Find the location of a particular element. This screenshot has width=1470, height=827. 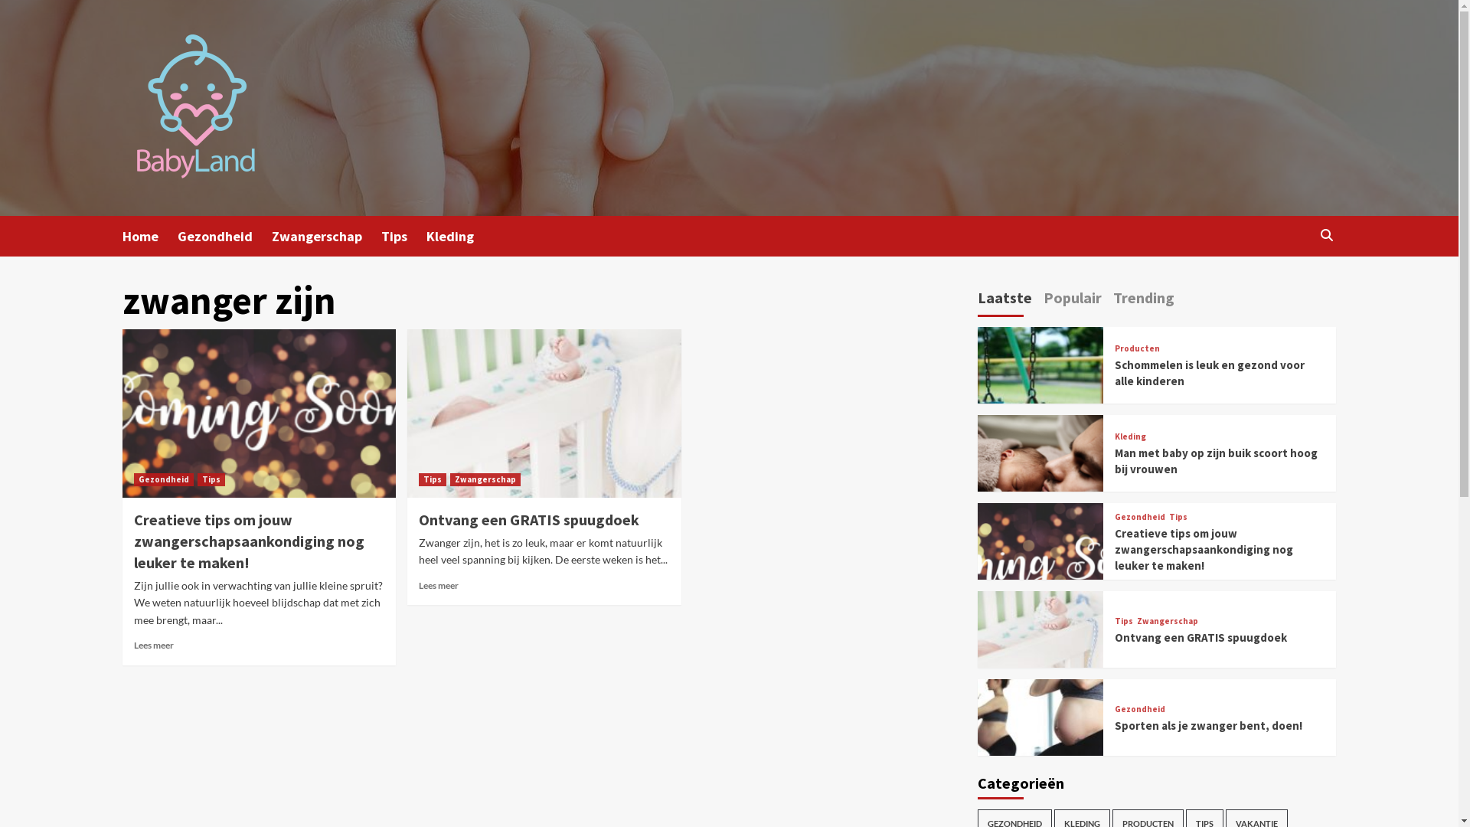

'Tips' is located at coordinates (1114, 621).